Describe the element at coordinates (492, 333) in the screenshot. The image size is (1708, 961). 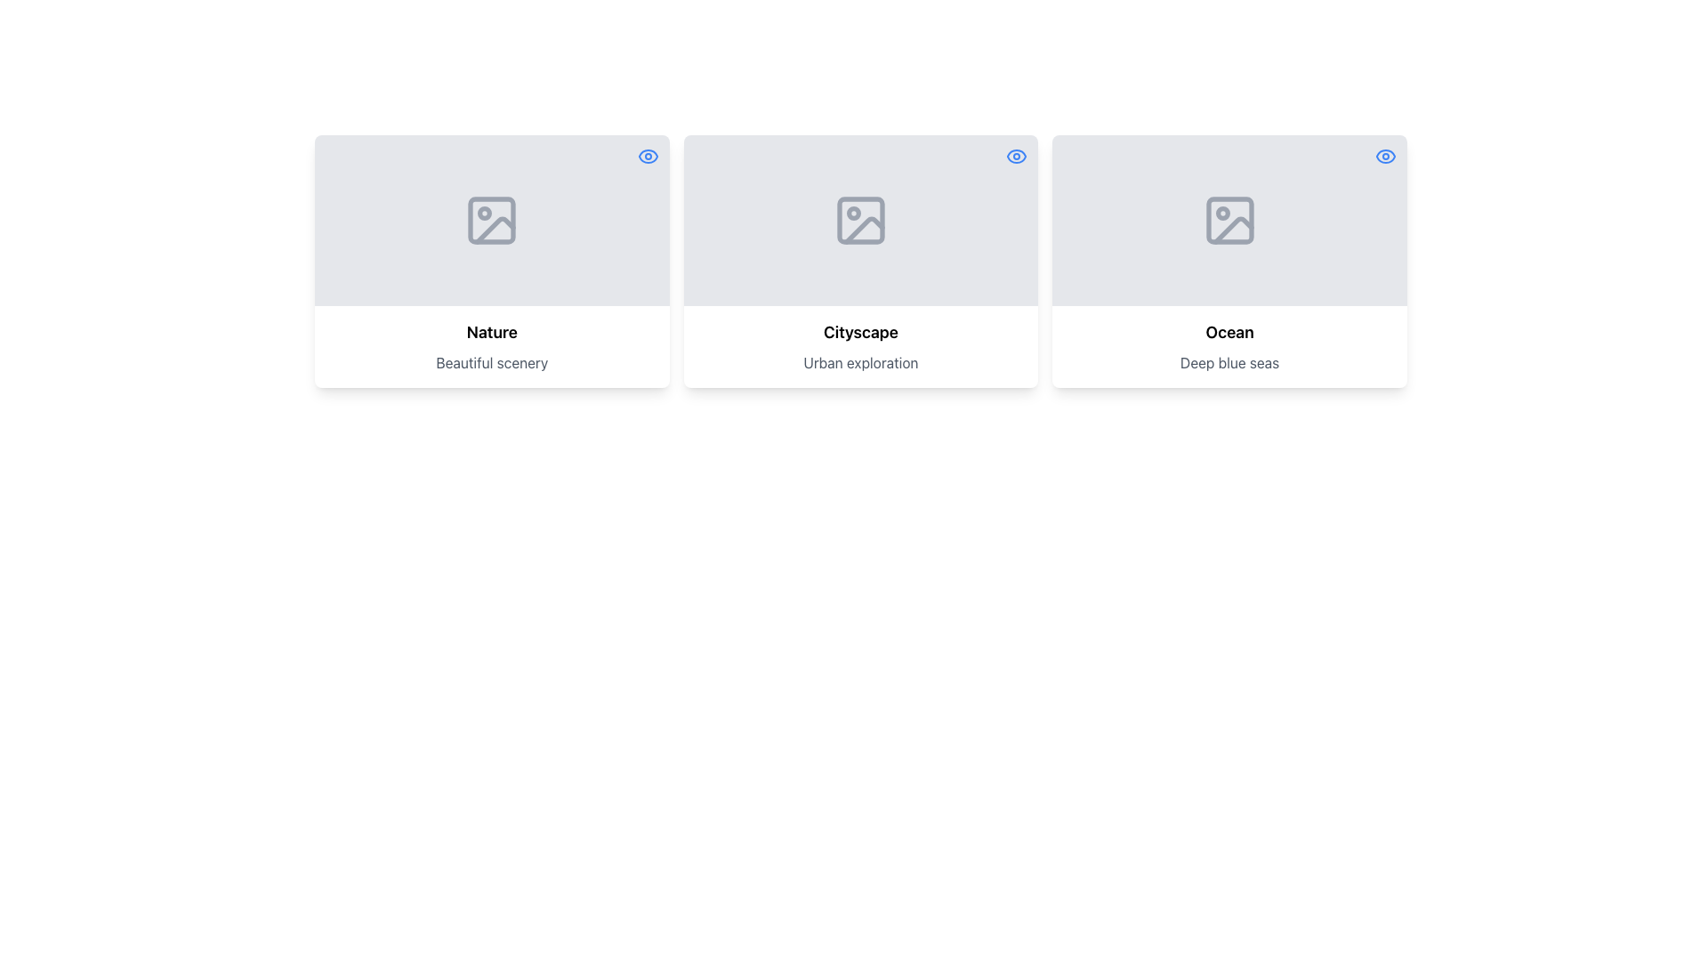
I see `the 'Nature' text label, which serves as a title for the section` at that location.